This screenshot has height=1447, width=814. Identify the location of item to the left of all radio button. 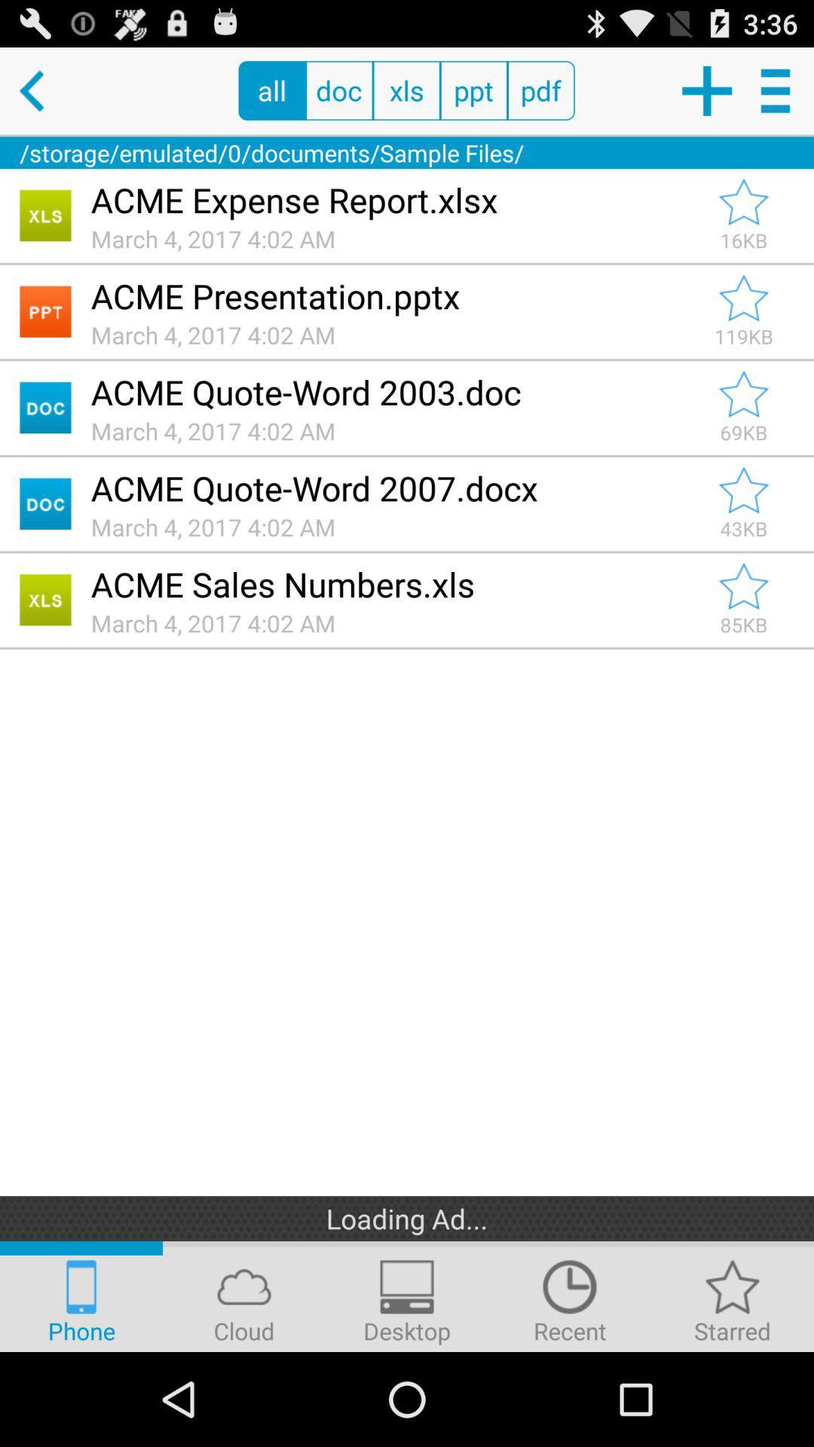
(42, 90).